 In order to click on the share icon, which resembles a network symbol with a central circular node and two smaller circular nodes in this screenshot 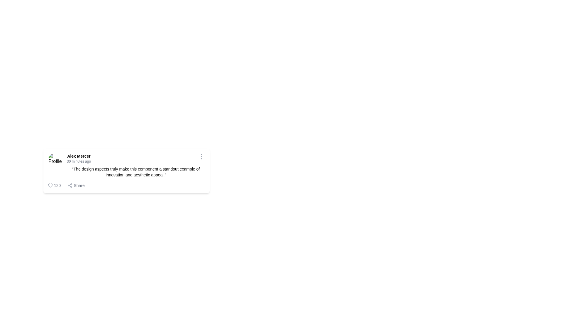, I will do `click(70, 186)`.